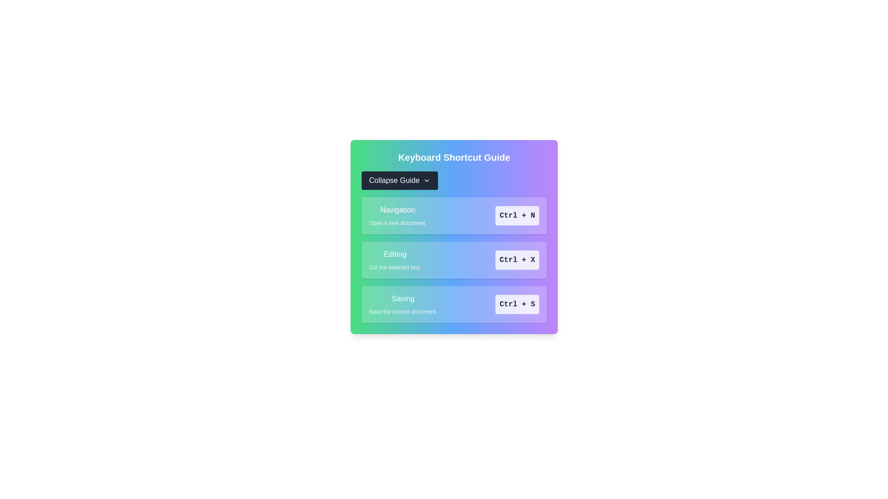 This screenshot has width=888, height=499. Describe the element at coordinates (395, 255) in the screenshot. I see `the Static Text Label displaying 'Editing', which is styled with a medium-sized white font and is part of a grouped component in the middle section of the interface` at that location.